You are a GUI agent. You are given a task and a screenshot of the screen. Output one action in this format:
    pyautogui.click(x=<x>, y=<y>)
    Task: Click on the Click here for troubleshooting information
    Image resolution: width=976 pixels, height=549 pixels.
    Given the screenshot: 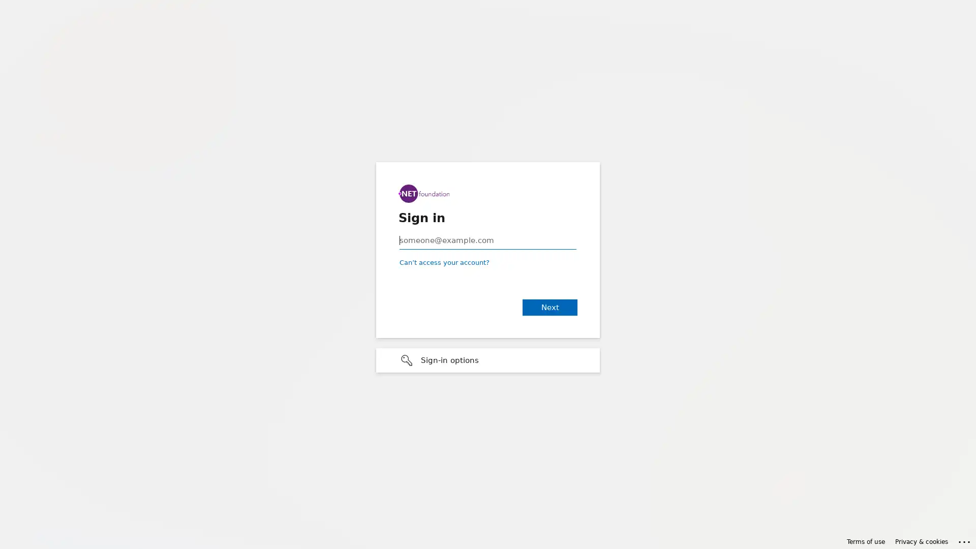 What is the action you would take?
    pyautogui.click(x=964, y=540)
    